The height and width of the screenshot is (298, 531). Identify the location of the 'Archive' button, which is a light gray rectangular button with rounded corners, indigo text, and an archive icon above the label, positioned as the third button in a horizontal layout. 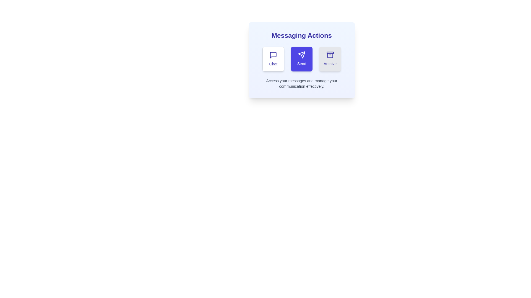
(330, 59).